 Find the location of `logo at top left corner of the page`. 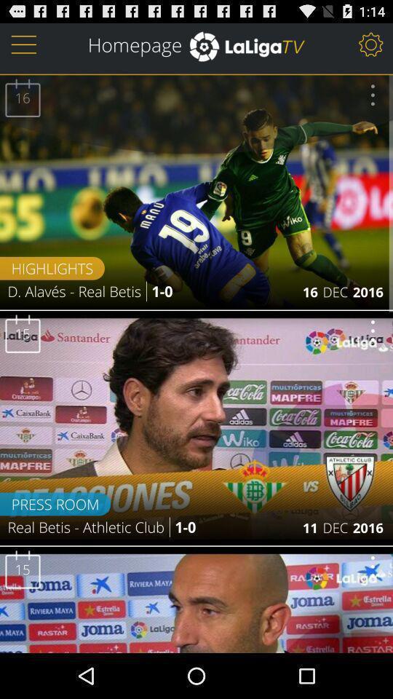

logo at top left corner of the page is located at coordinates (23, 43).